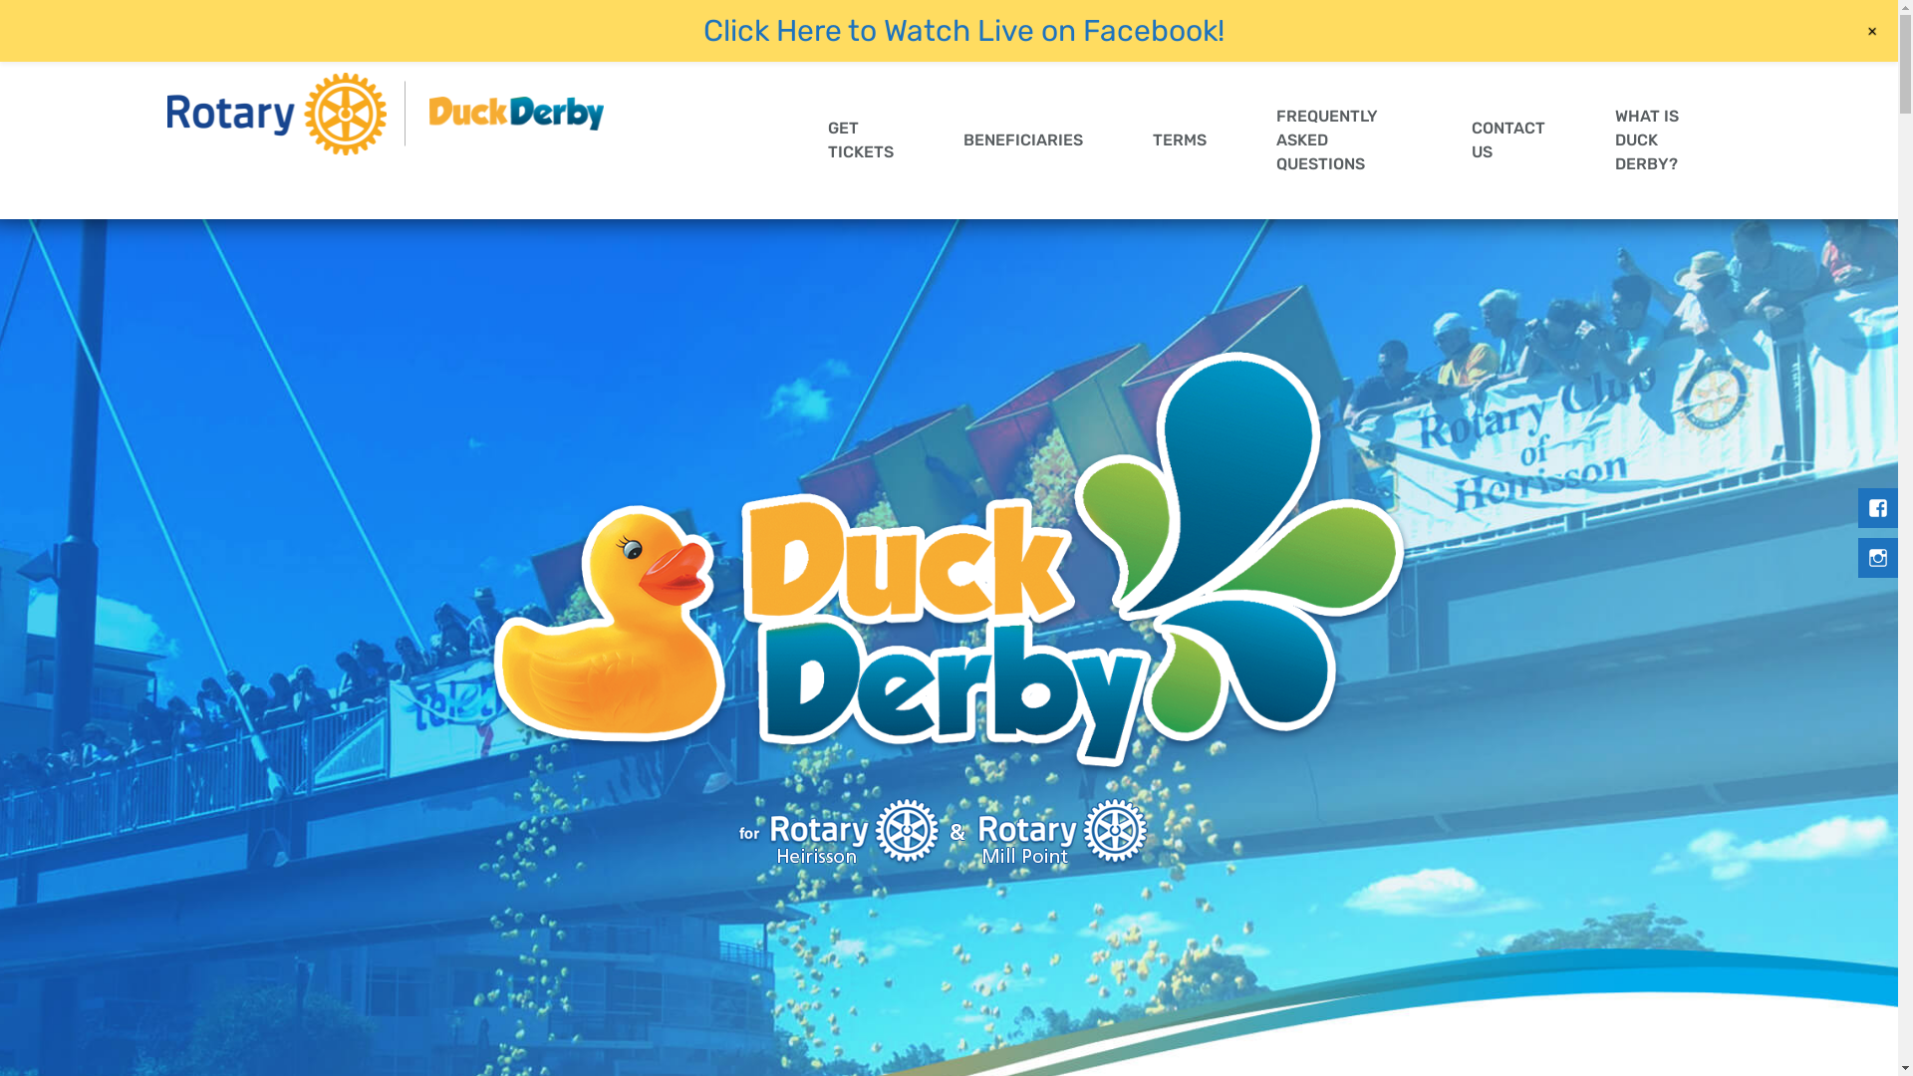 The image size is (1913, 1076). What do you see at coordinates (792, 139) in the screenshot?
I see `'GET TICKETS'` at bounding box center [792, 139].